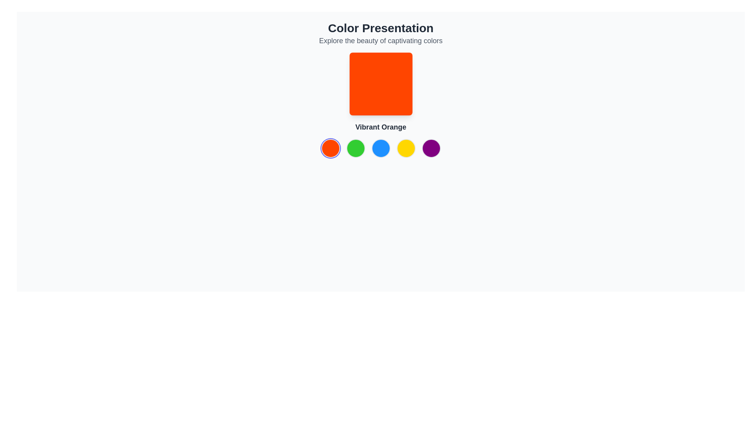  Describe the element at coordinates (381, 148) in the screenshot. I see `the third circular button from the left in a row of five colored circular elements for selection` at that location.